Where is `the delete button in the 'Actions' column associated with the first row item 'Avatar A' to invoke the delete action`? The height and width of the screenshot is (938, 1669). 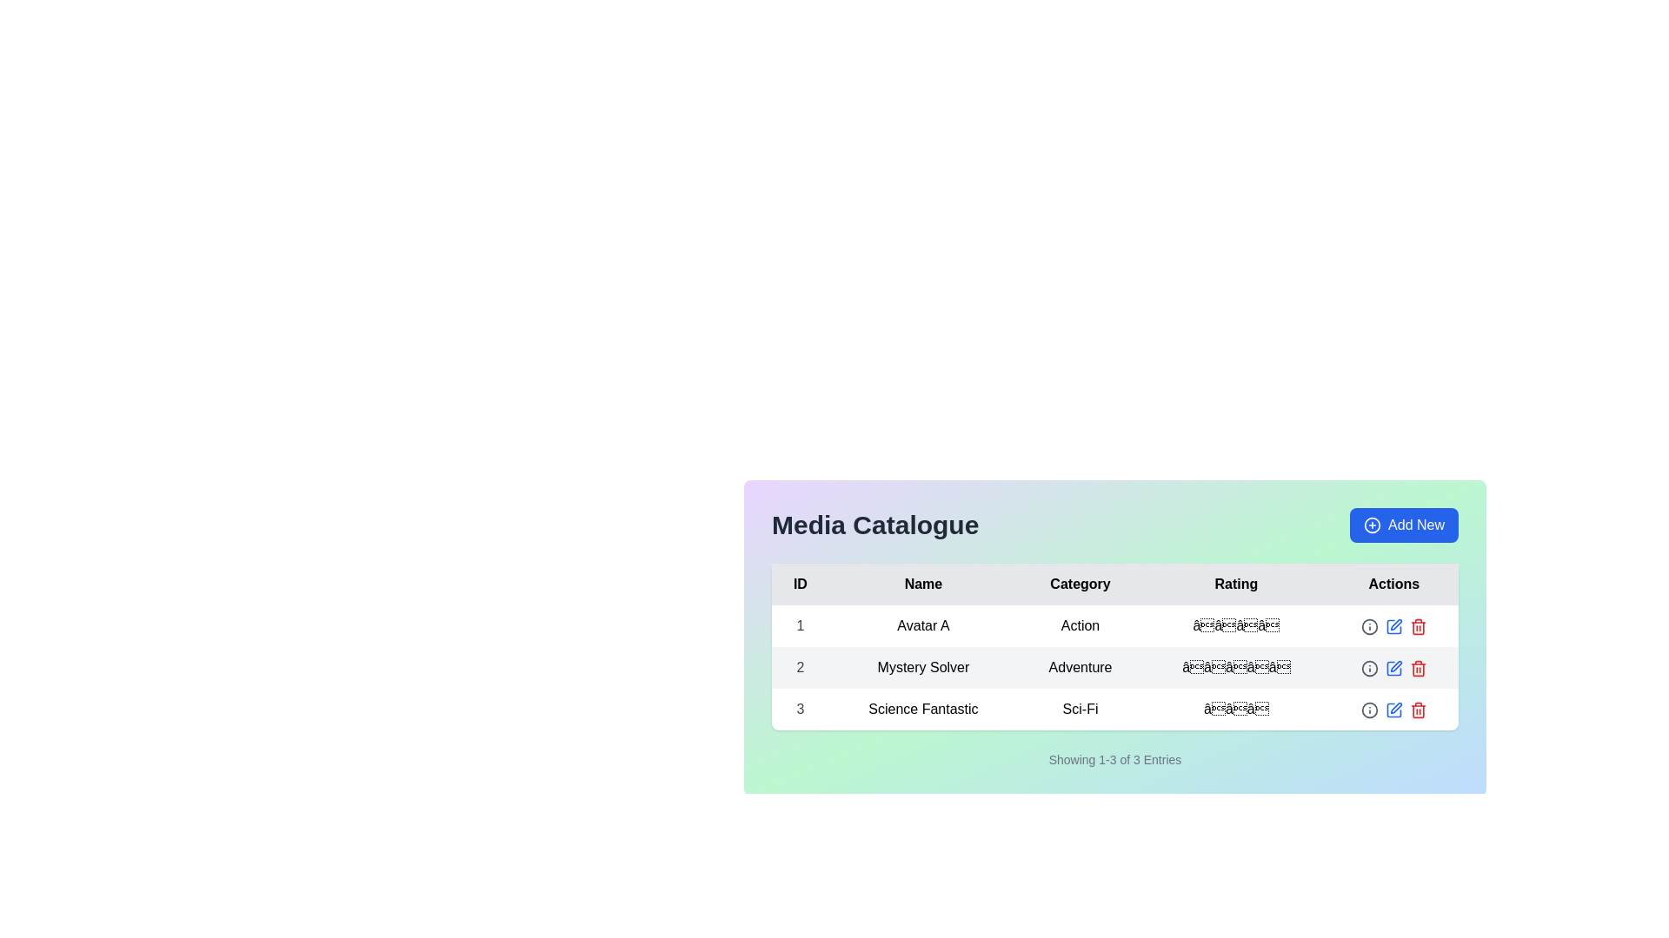
the delete button in the 'Actions' column associated with the first row item 'Avatar A' to invoke the delete action is located at coordinates (1418, 626).